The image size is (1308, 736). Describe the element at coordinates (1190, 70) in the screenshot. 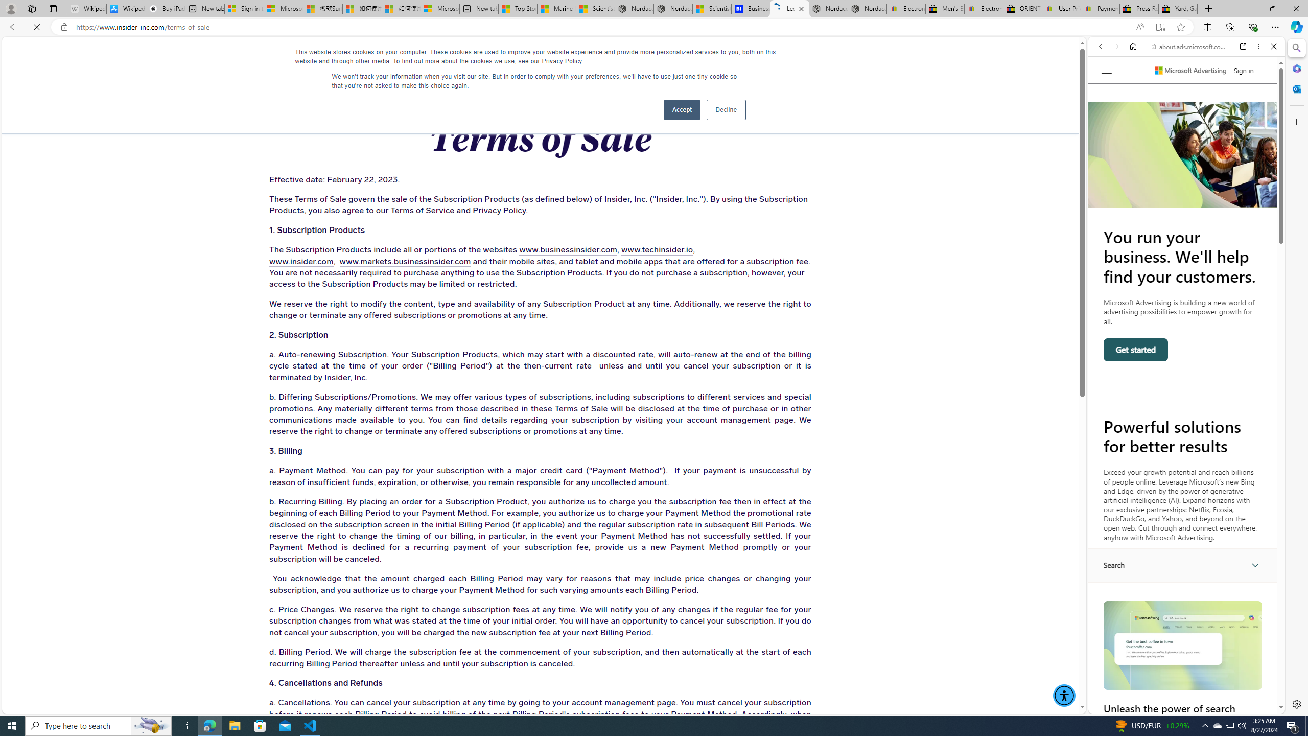

I see `'Microsoft Advertising'` at that location.